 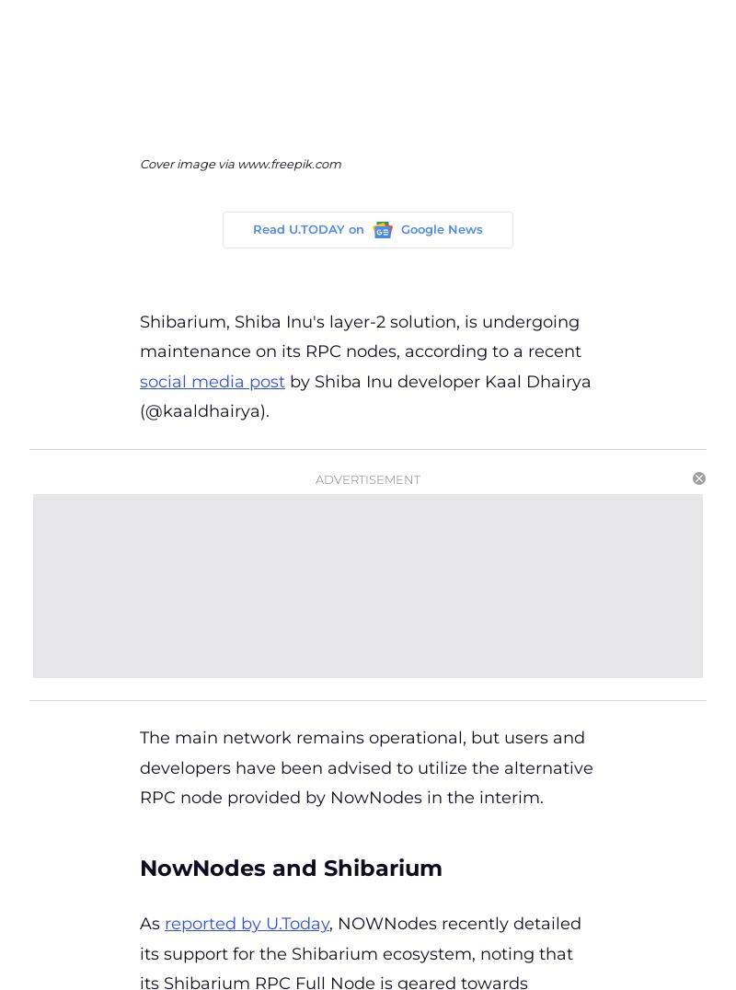 I want to click on 'The main network remains operational, but users and developers have been advised to utilize the alternative RPC node provided by NowNodes in the interim.', so click(x=365, y=766).